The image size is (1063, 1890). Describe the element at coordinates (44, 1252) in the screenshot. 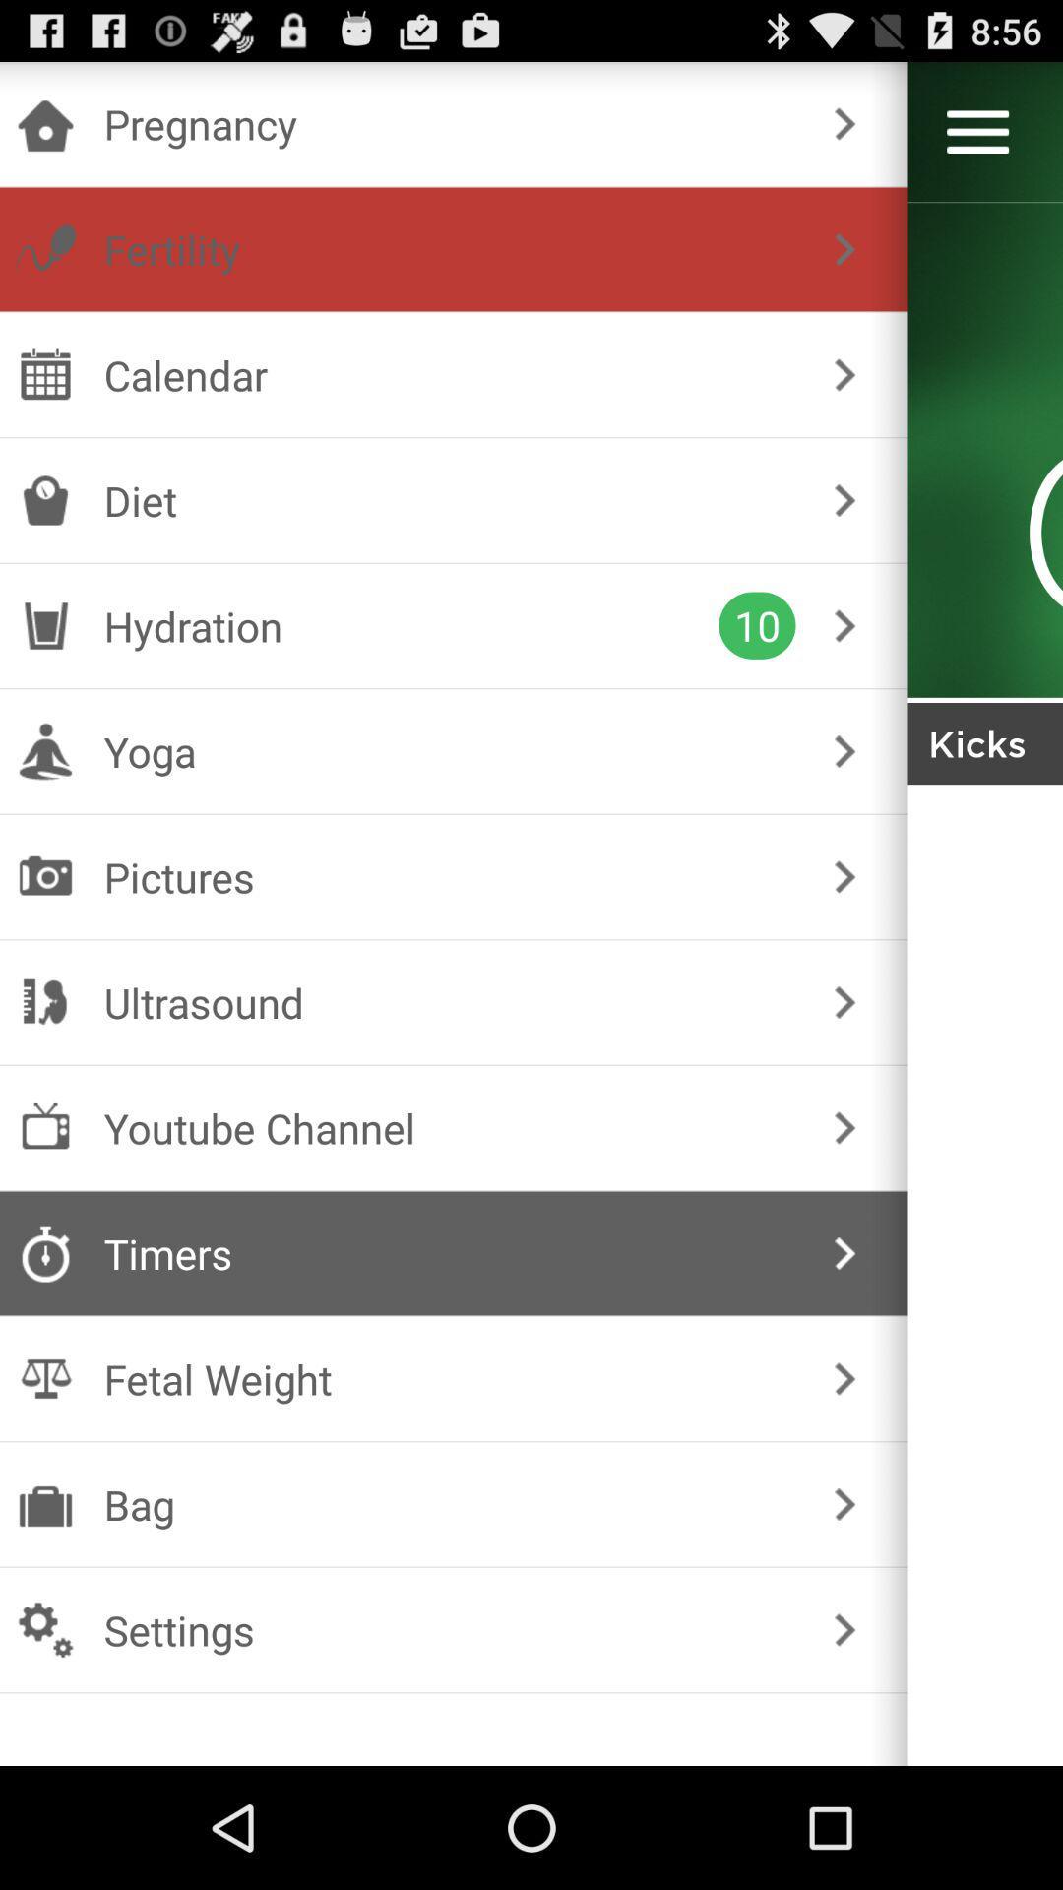

I see `the icon which is left to the timers` at that location.